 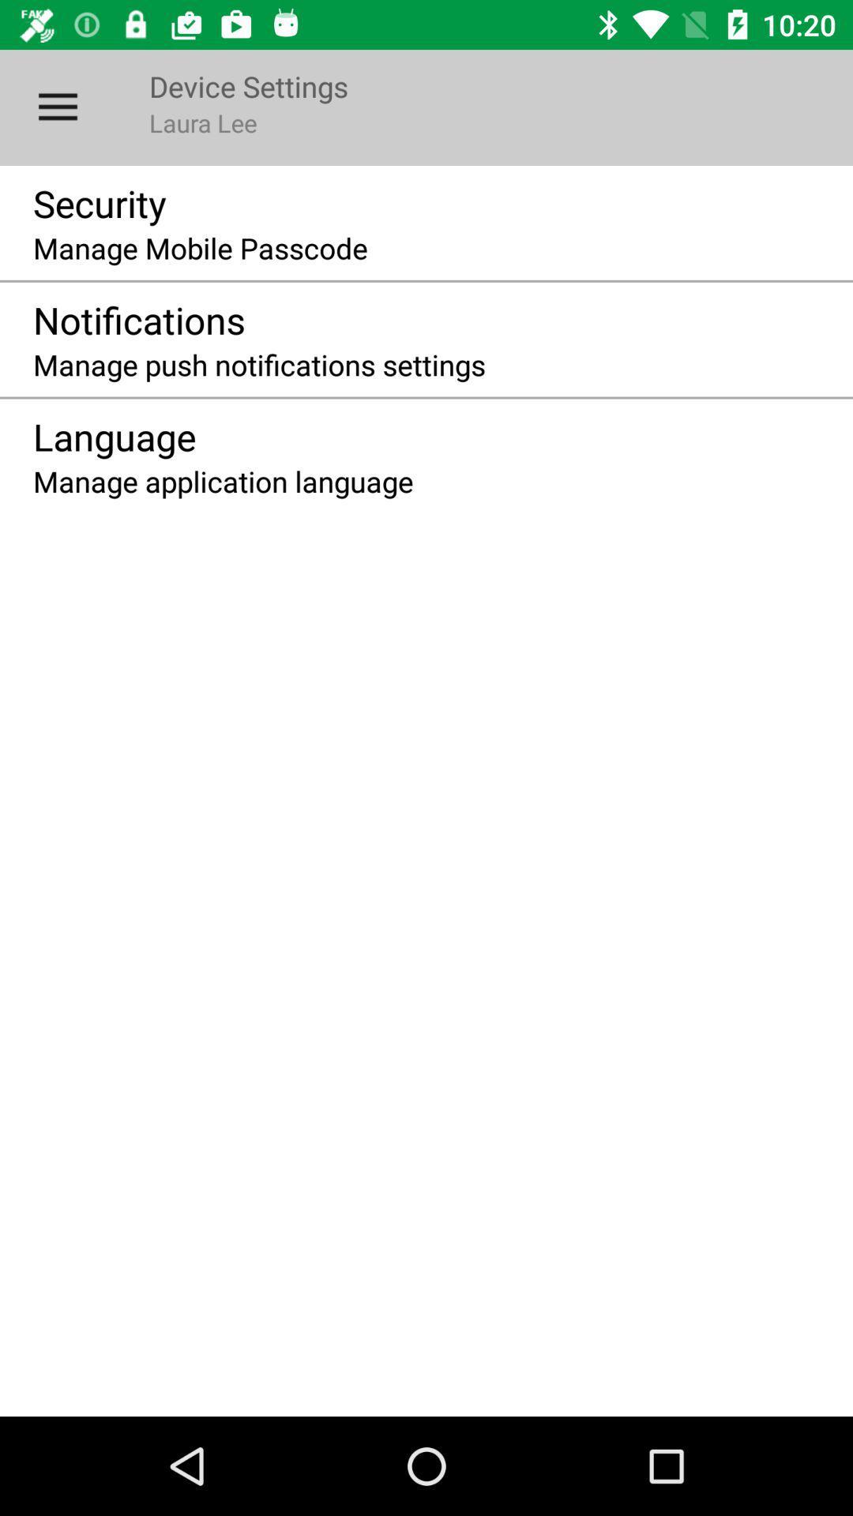 I want to click on the icon above the security item, so click(x=57, y=107).